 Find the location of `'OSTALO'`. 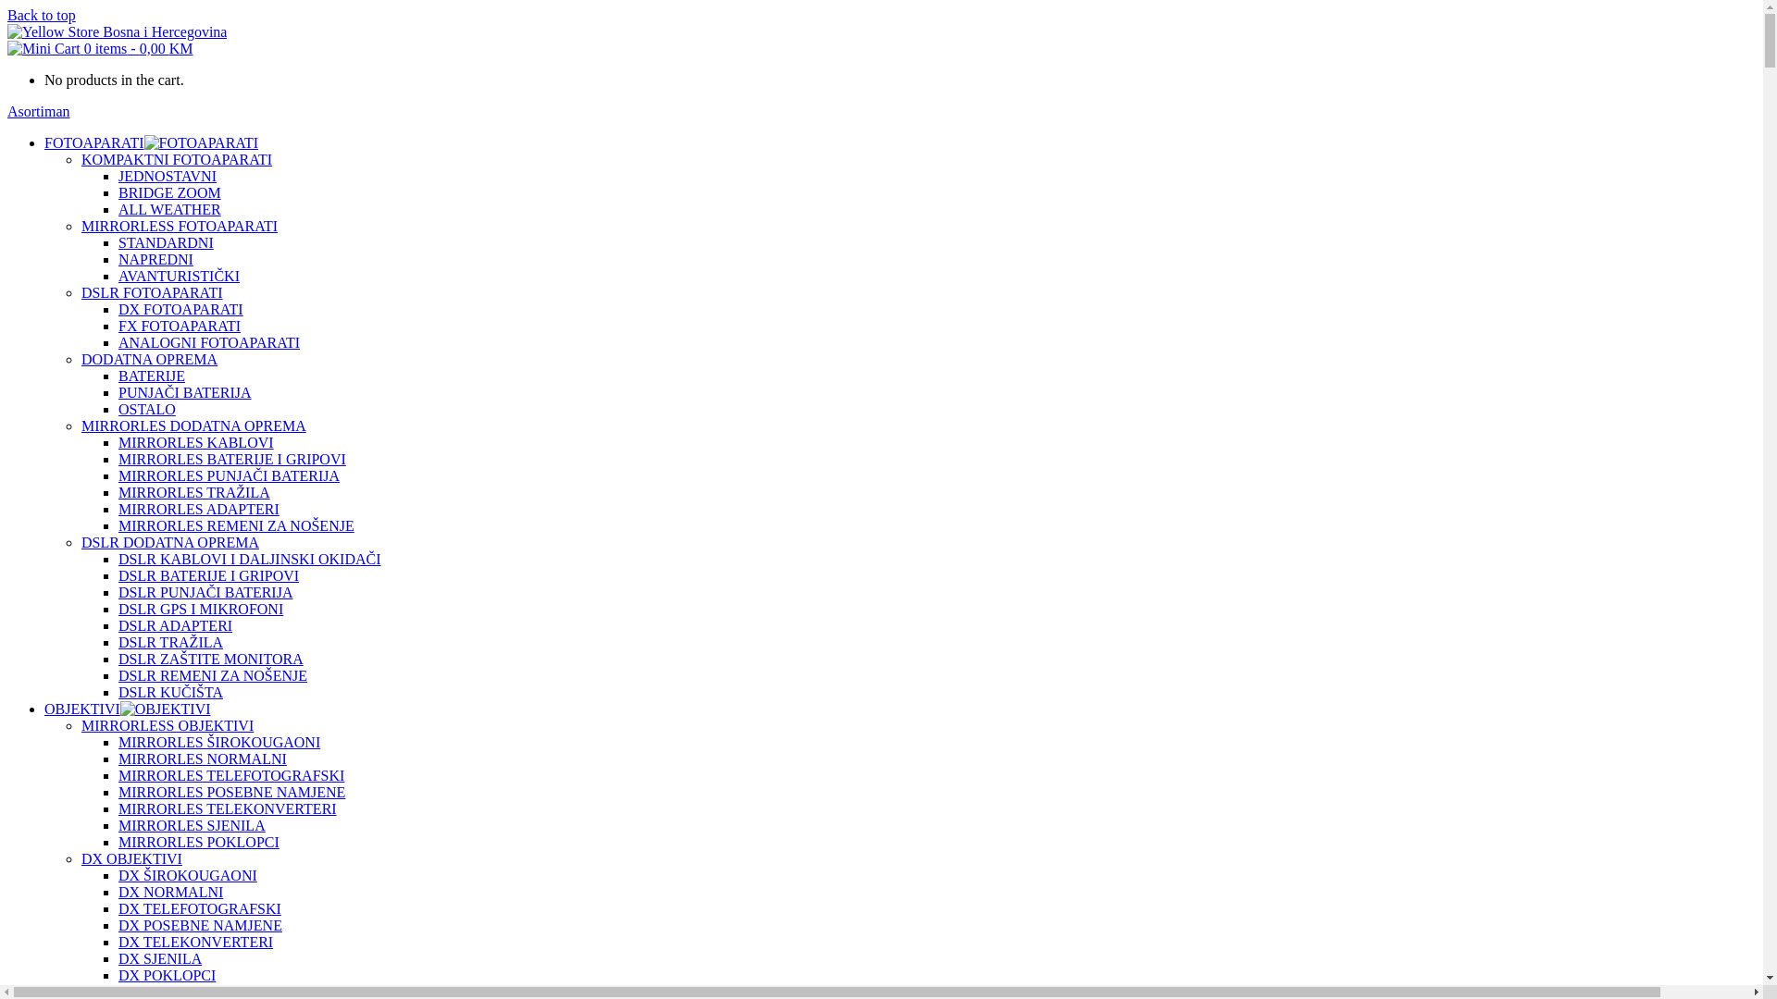

'OSTALO' is located at coordinates (145, 408).